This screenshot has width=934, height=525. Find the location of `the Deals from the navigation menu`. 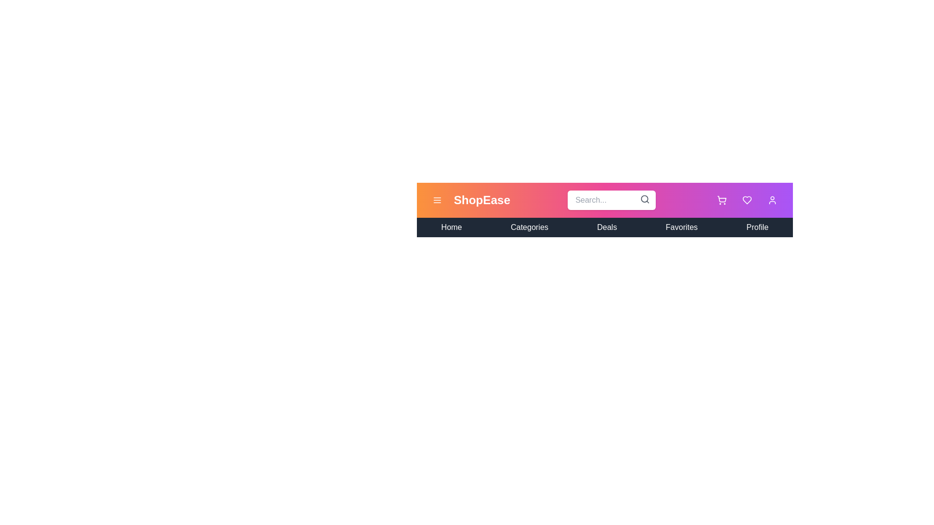

the Deals from the navigation menu is located at coordinates (607, 227).